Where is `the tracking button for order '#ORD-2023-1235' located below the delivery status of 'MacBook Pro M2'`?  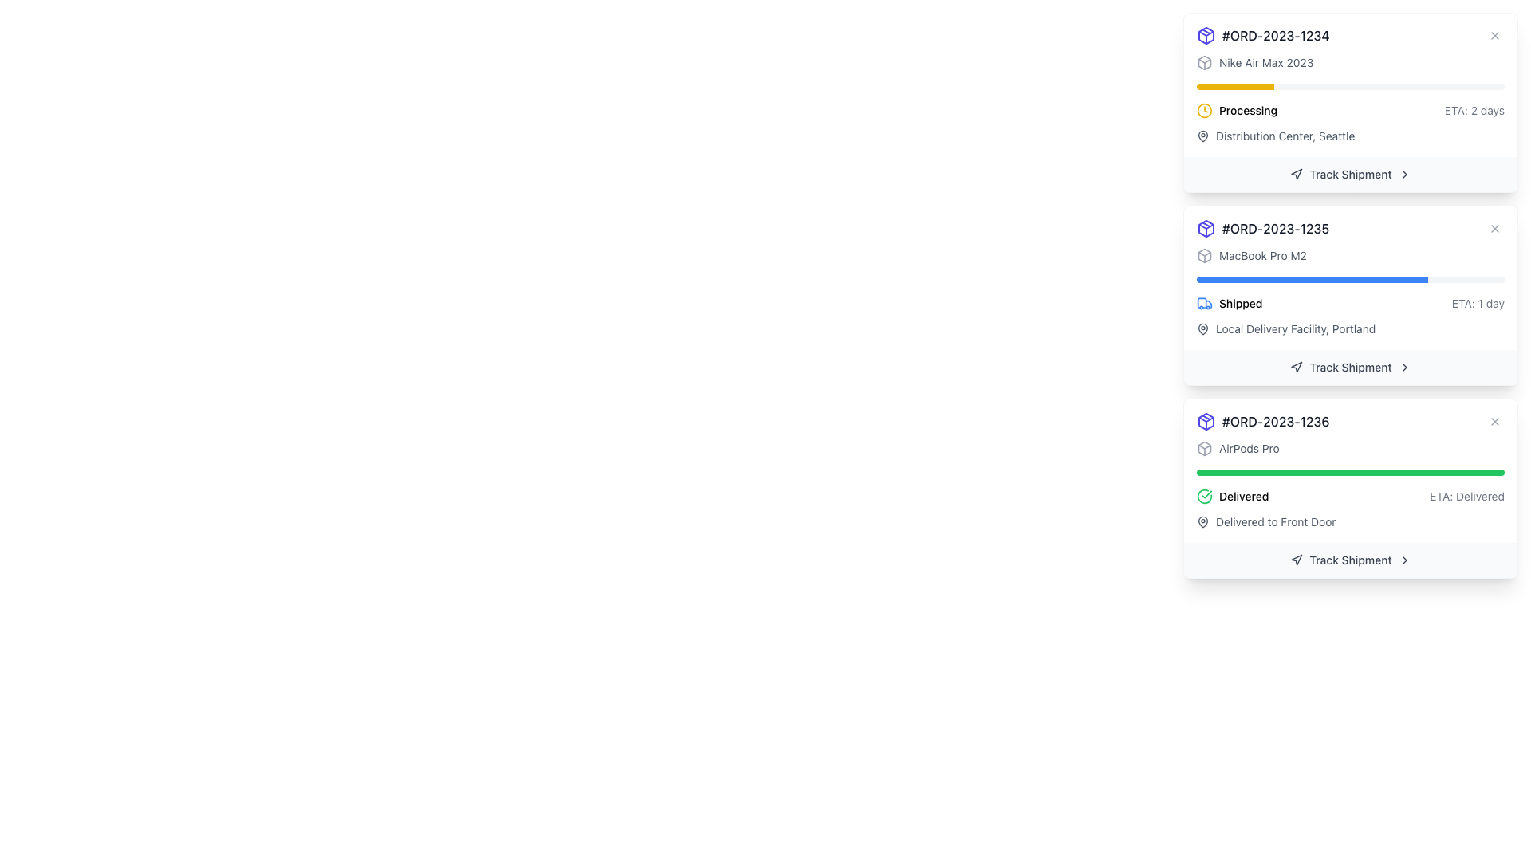
the tracking button for order '#ORD-2023-1235' located below the delivery status of 'MacBook Pro M2' is located at coordinates (1350, 368).